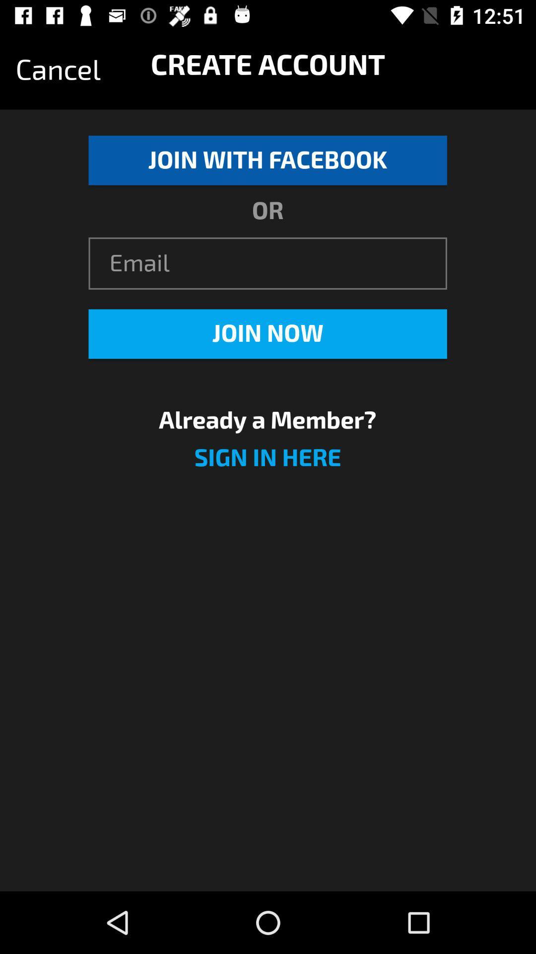 This screenshot has width=536, height=954. Describe the element at coordinates (267, 464) in the screenshot. I see `the item below the already a member?` at that location.